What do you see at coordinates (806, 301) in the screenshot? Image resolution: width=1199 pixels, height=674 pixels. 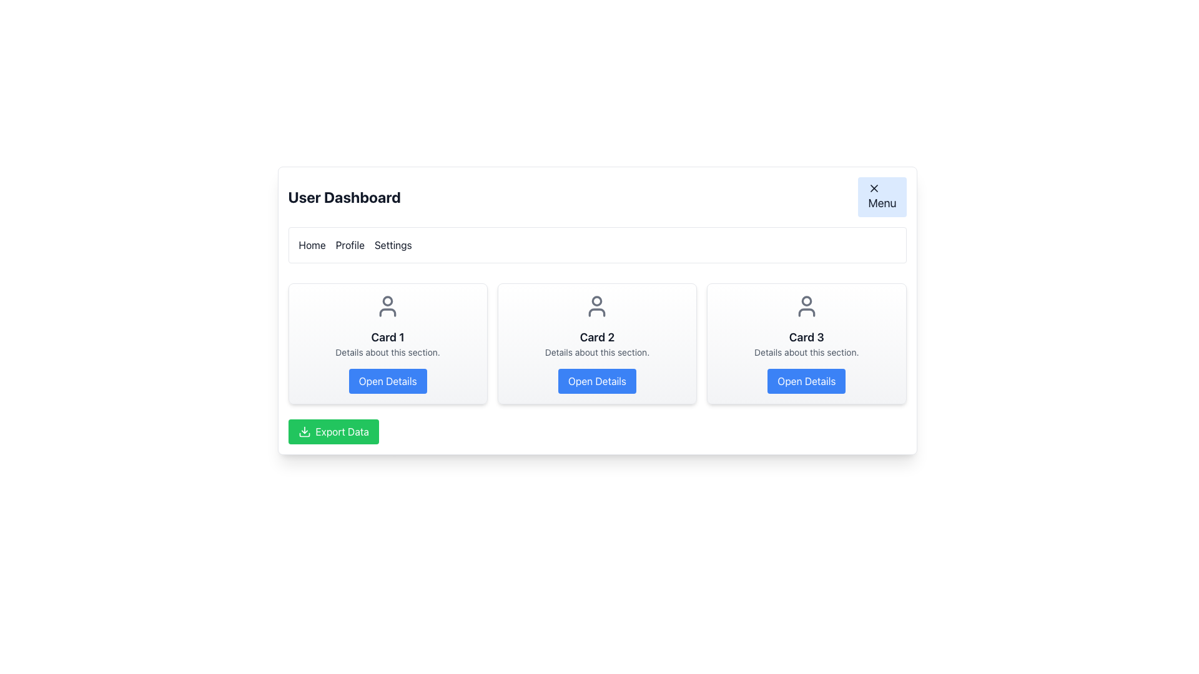 I see `the SVG circle element representing the user's head in the user icon located in the third card from the left` at bounding box center [806, 301].